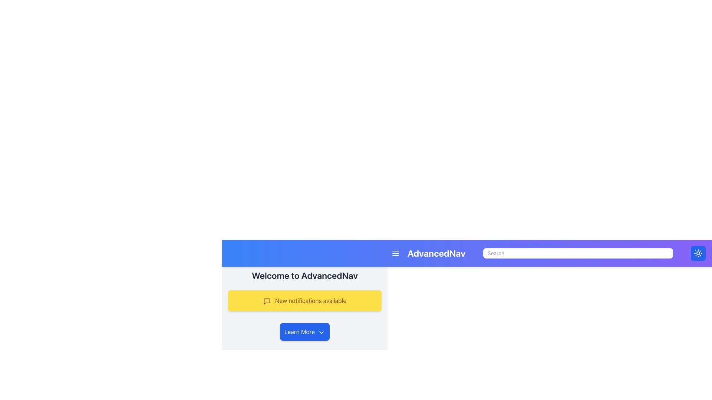  I want to click on the notification icon located on the left inside the notification banner displaying the message 'New notifications available', so click(267, 301).